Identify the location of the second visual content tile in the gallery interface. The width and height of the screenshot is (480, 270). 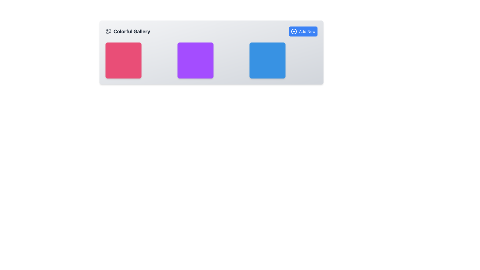
(211, 52).